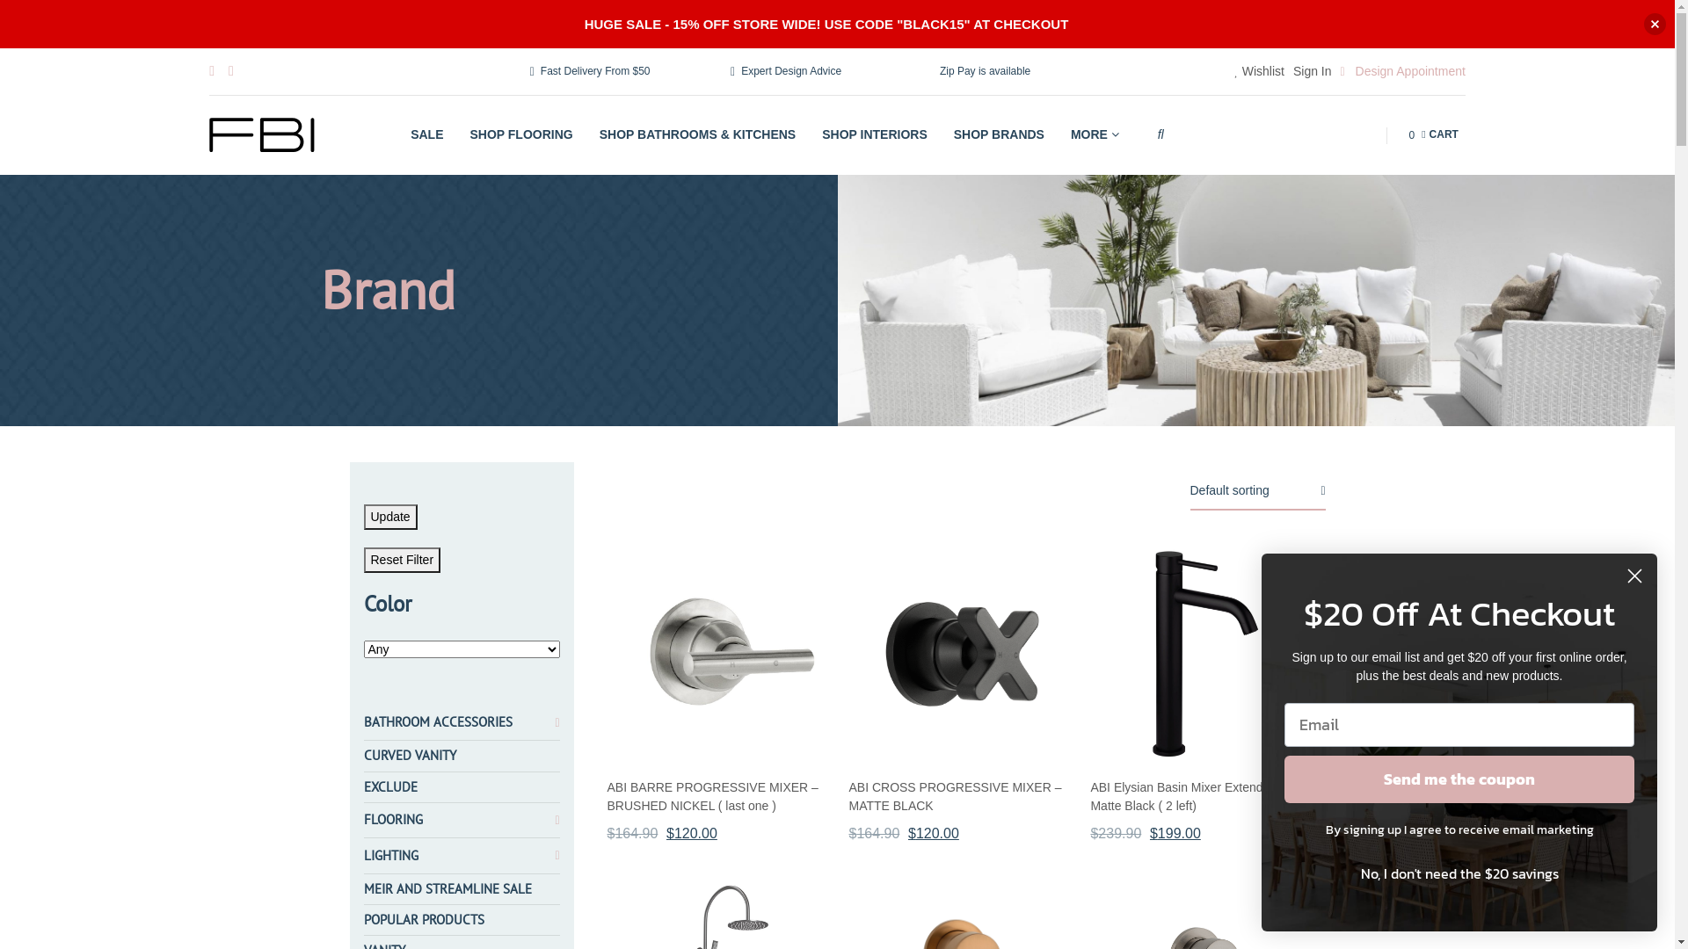  I want to click on 'SHOP BRANDS', so click(945, 134).